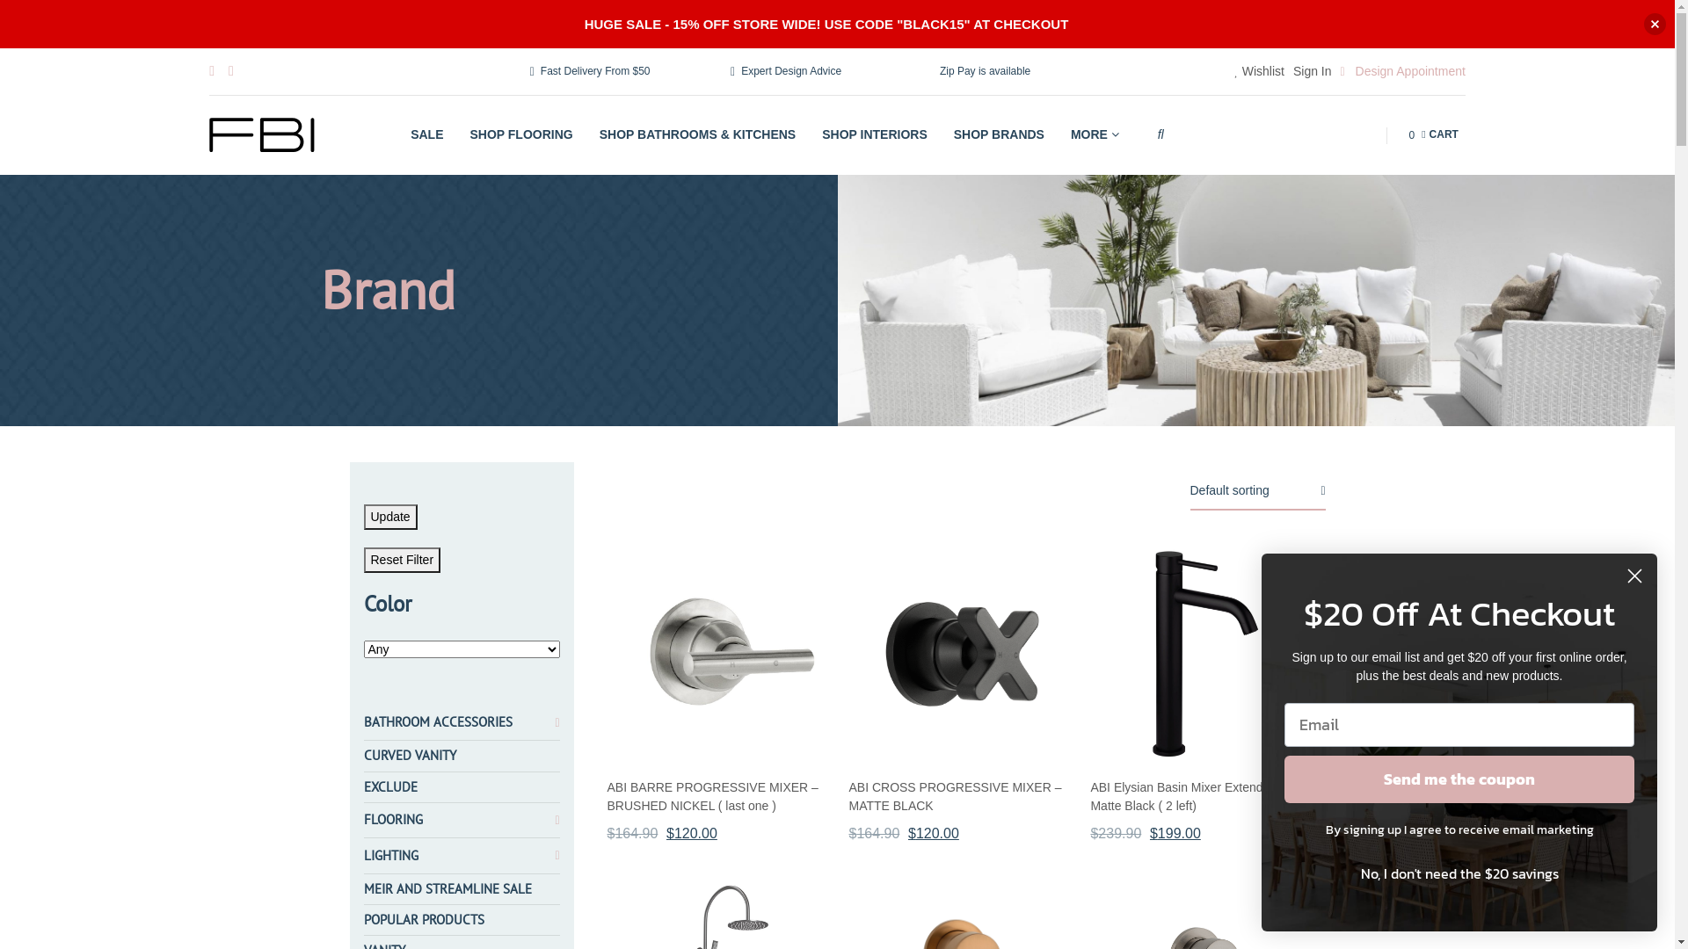  I want to click on 'SHOP BRANDS', so click(945, 134).